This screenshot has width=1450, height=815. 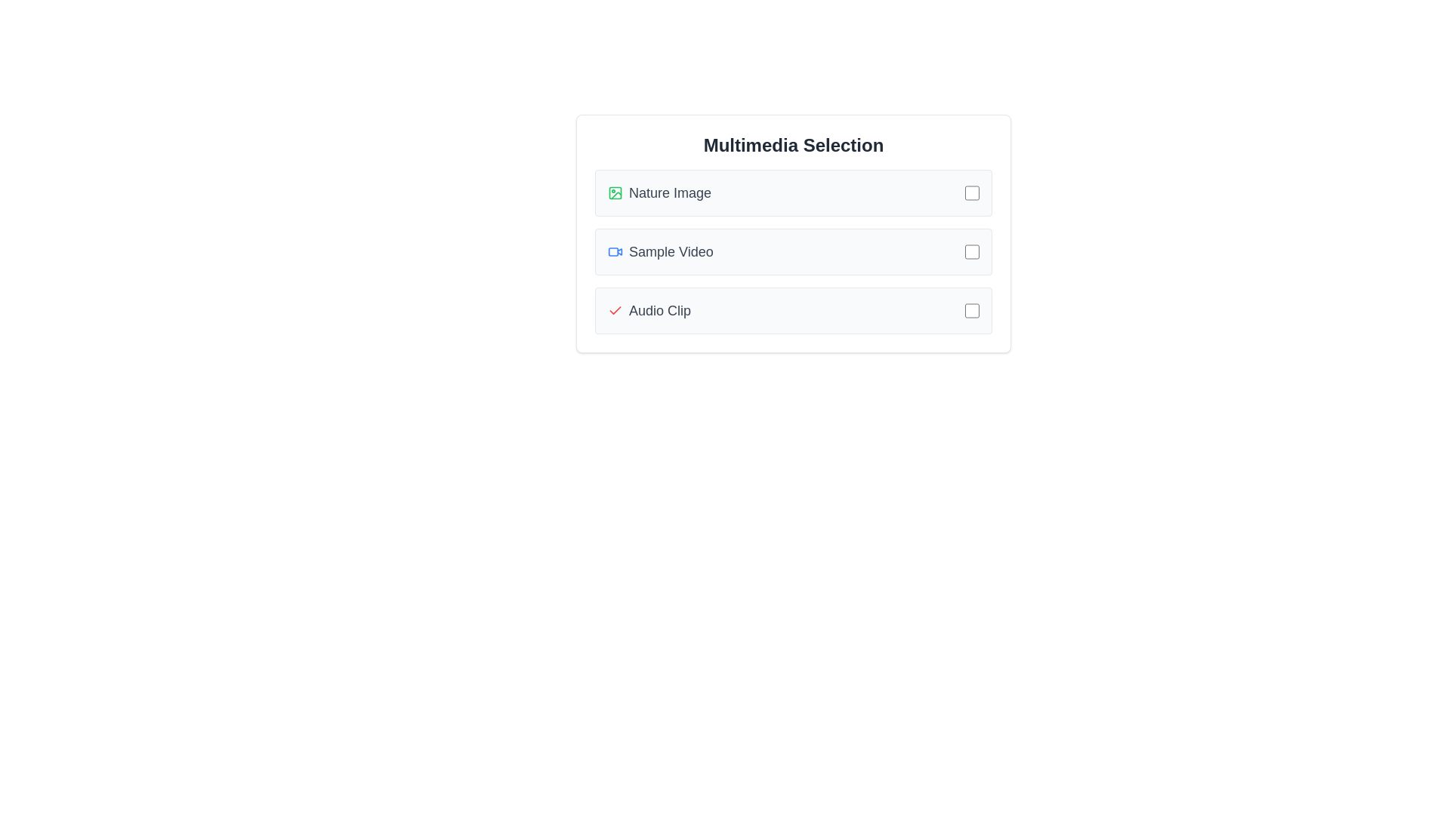 What do you see at coordinates (793, 251) in the screenshot?
I see `the second list item representing the 'Sample Video' option` at bounding box center [793, 251].